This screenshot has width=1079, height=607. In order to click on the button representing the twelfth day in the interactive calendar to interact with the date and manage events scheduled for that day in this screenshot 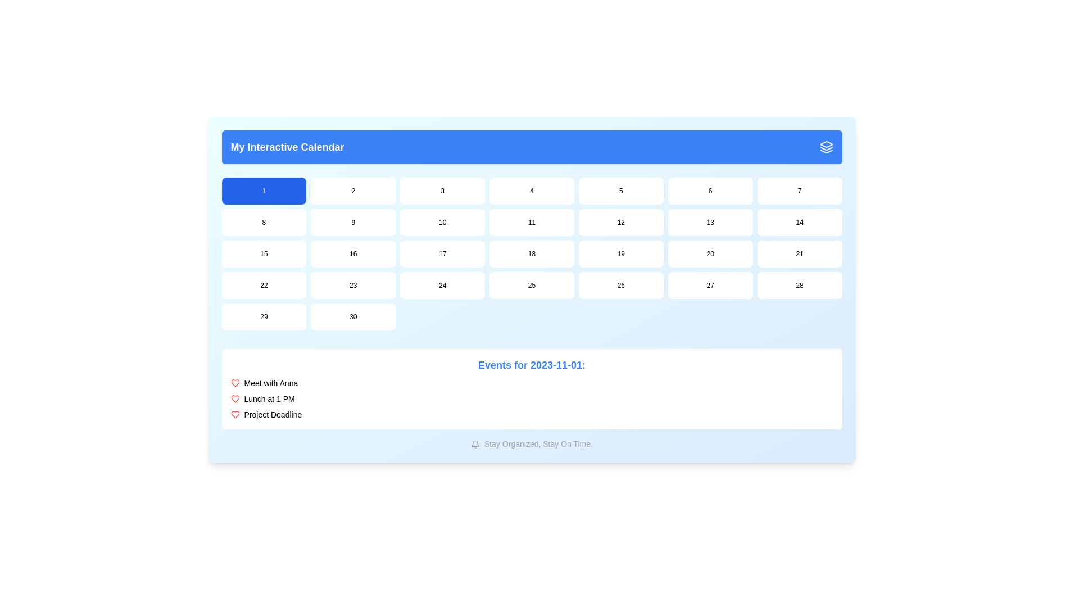, I will do `click(620, 223)`.